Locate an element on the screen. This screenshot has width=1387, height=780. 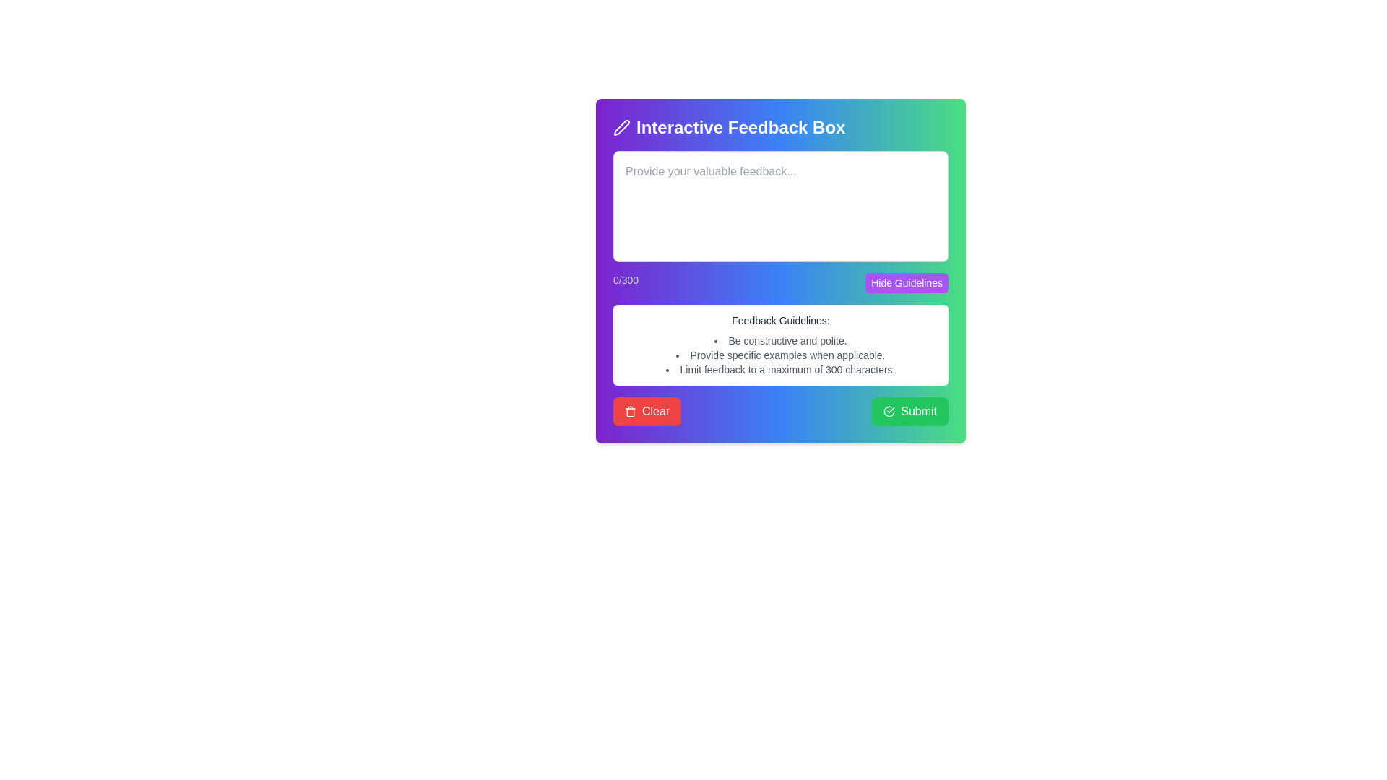
the text label that reads 'Limit feedback to a maximum of 300 characters.', which is the third bullet point in the 'Feedback Guidelines:' section is located at coordinates (779, 369).